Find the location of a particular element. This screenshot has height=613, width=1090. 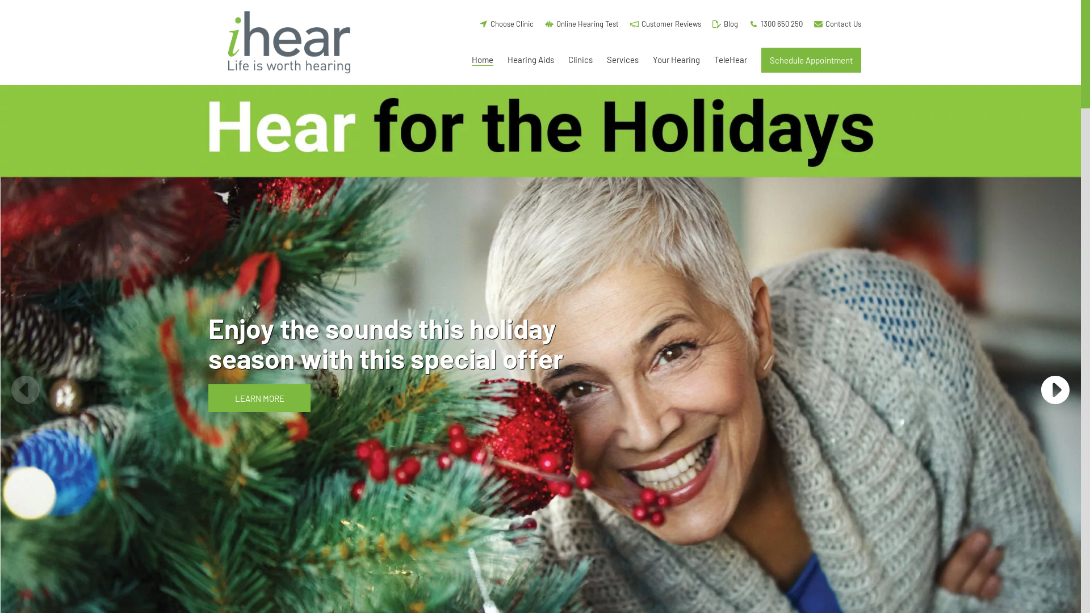

'LEARN MORE' is located at coordinates (258, 397).